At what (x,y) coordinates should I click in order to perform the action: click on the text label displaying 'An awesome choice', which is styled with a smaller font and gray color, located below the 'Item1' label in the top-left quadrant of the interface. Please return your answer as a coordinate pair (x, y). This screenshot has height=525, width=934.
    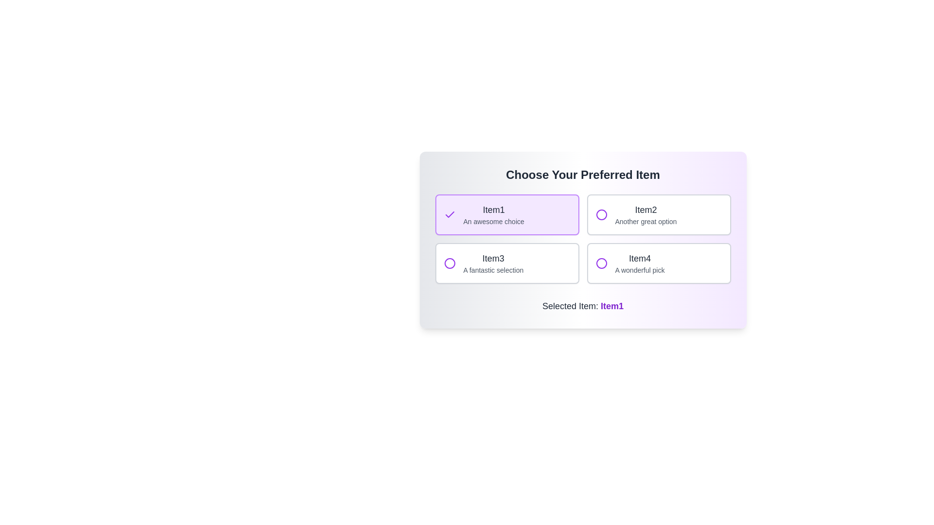
    Looking at the image, I should click on (494, 221).